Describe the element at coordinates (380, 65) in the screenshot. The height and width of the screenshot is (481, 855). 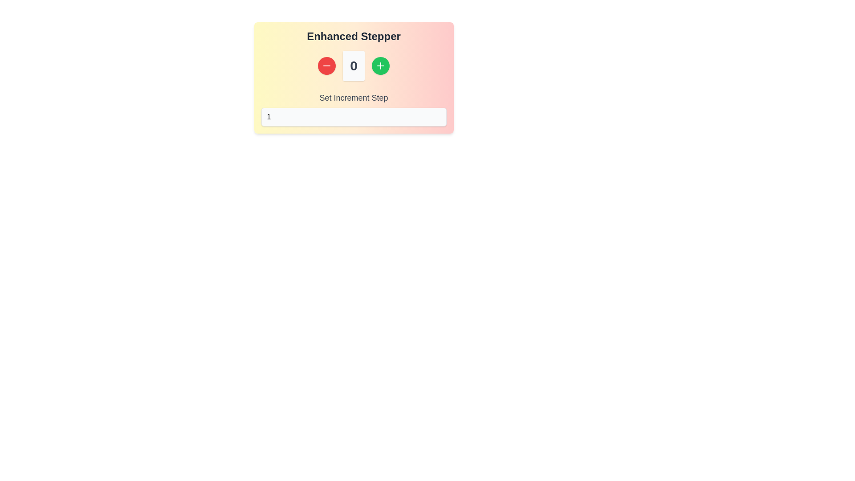
I see `the green circular button with a white '+' icon located on the center-right side of the control panel interface` at that location.